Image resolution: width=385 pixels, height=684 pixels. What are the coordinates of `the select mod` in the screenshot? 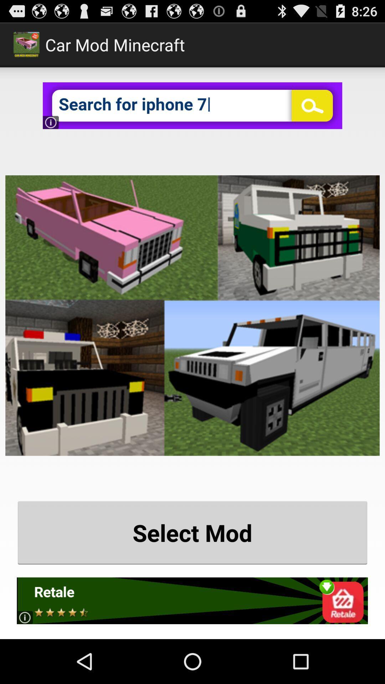 It's located at (192, 533).